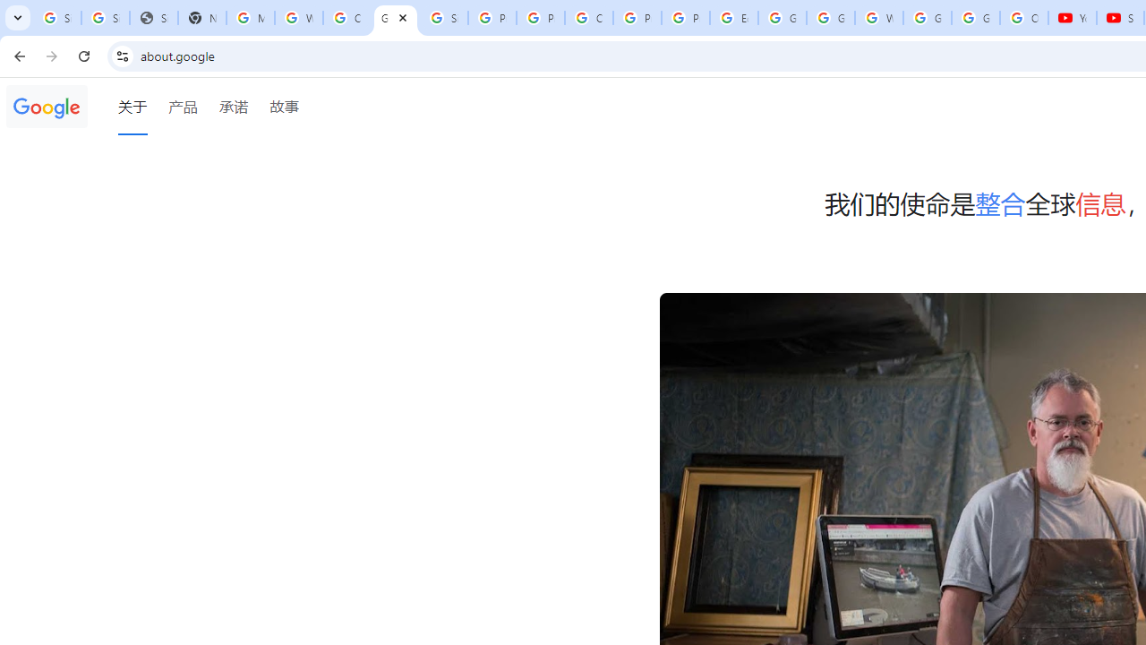 This screenshot has height=645, width=1146. Describe the element at coordinates (121, 55) in the screenshot. I see `'View site information'` at that location.